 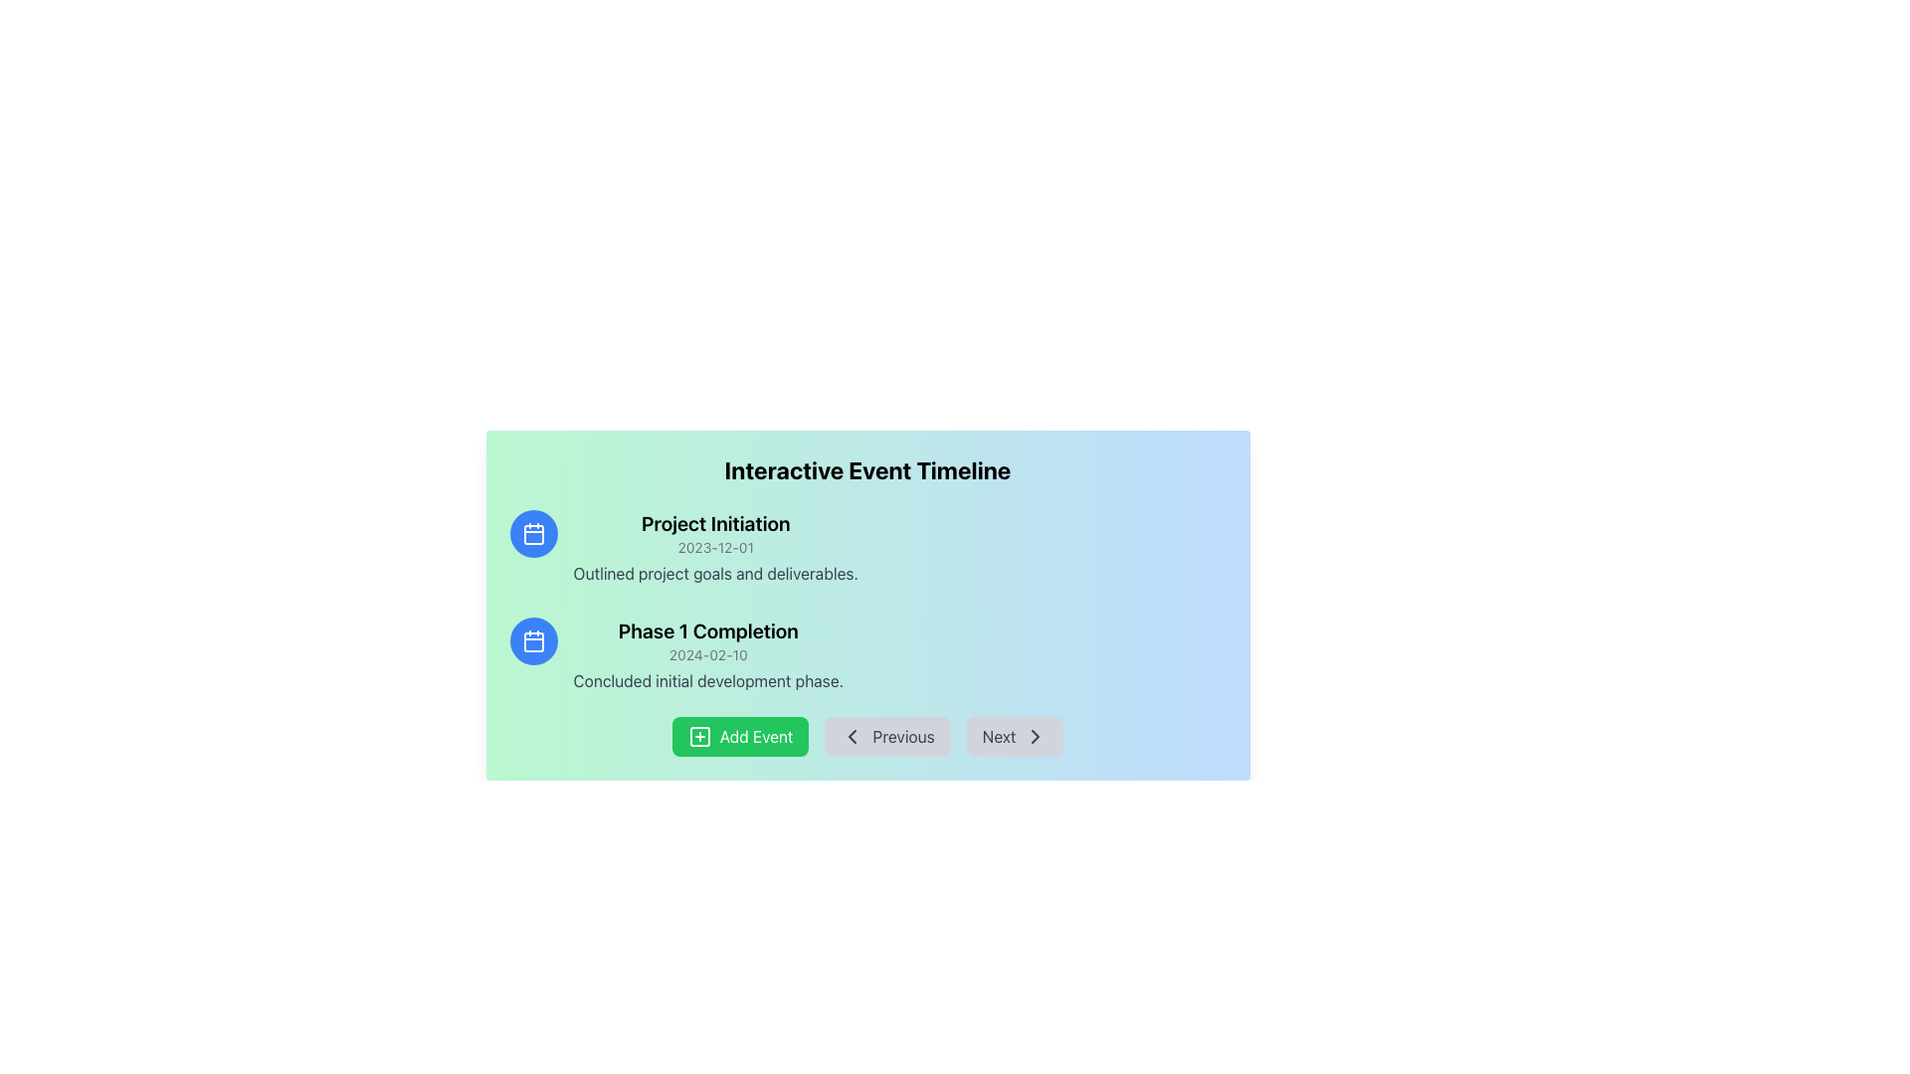 What do you see at coordinates (715, 548) in the screenshot?
I see `the text label displaying '2023-12-01' which is positioned directly below the event title 'Project Initiation'` at bounding box center [715, 548].